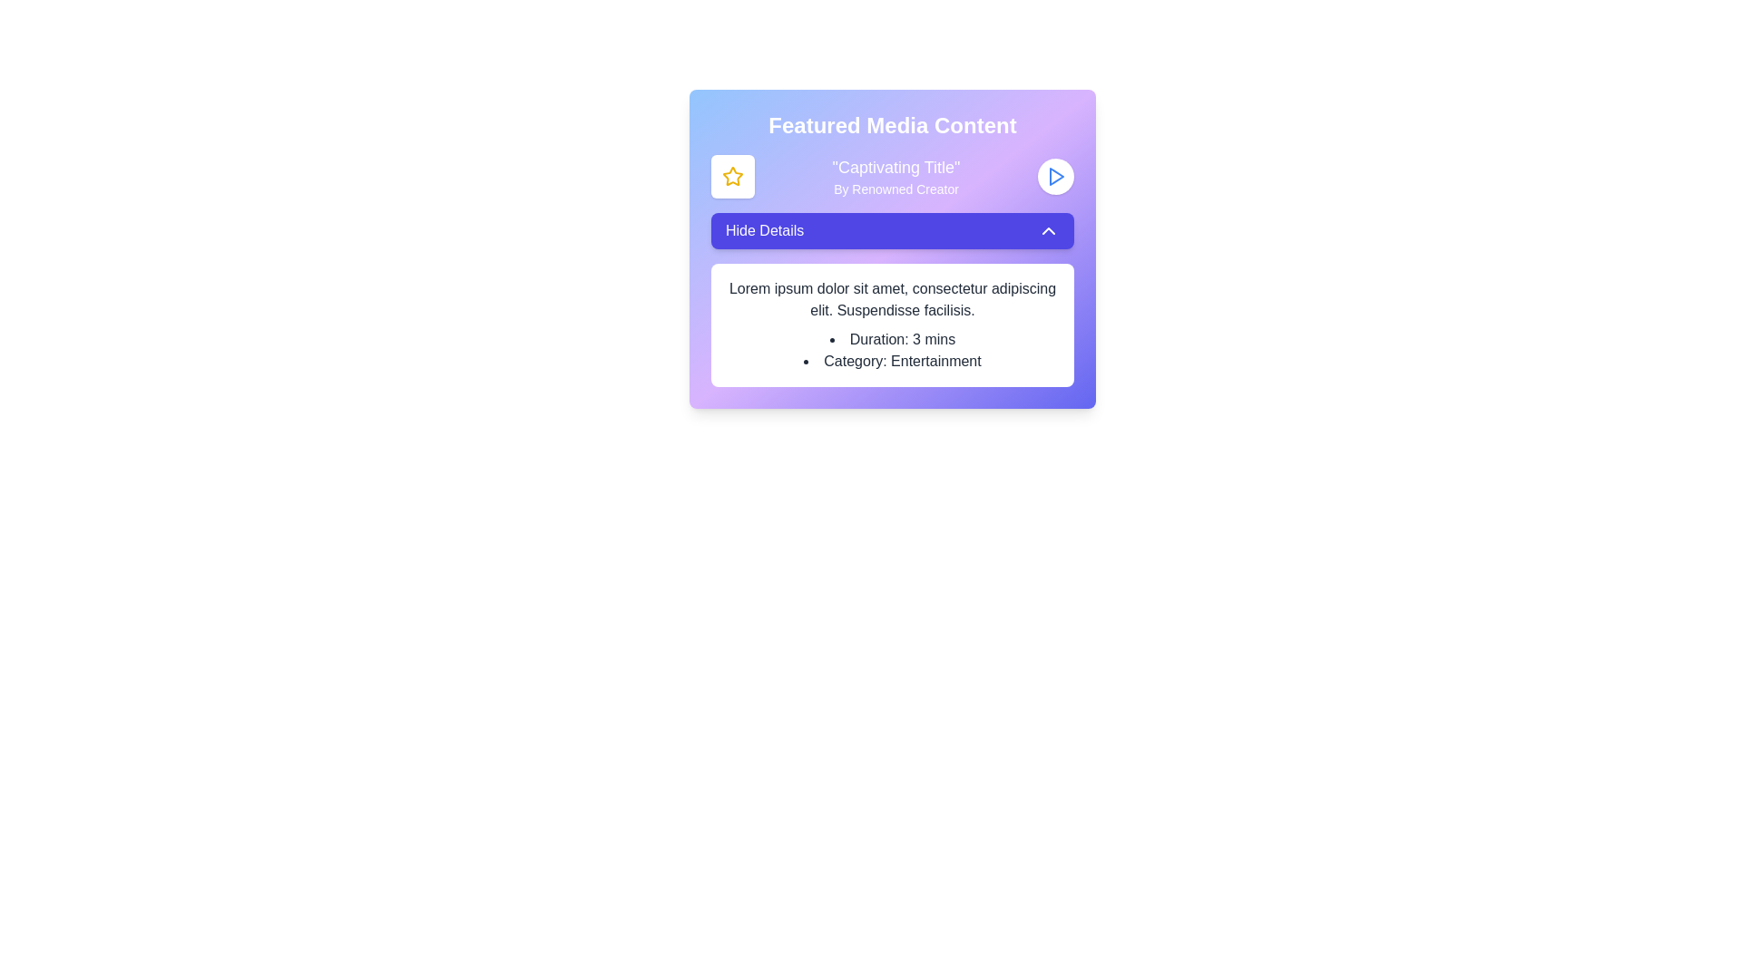  Describe the element at coordinates (1055, 177) in the screenshot. I see `the circular button with a white background and a blue play icon` at that location.